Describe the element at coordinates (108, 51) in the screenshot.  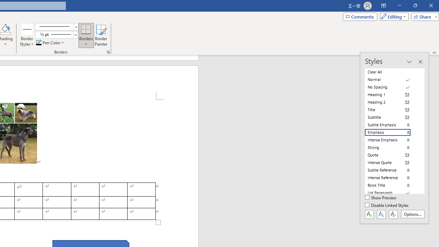
I see `'Borders and Shading...'` at that location.